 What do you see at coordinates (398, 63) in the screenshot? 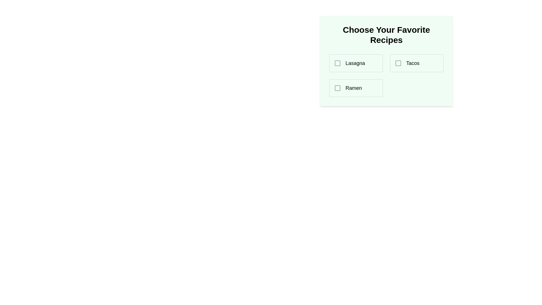
I see `the unselected checkbox UI component located to the left of the 'Tacos' text` at bounding box center [398, 63].